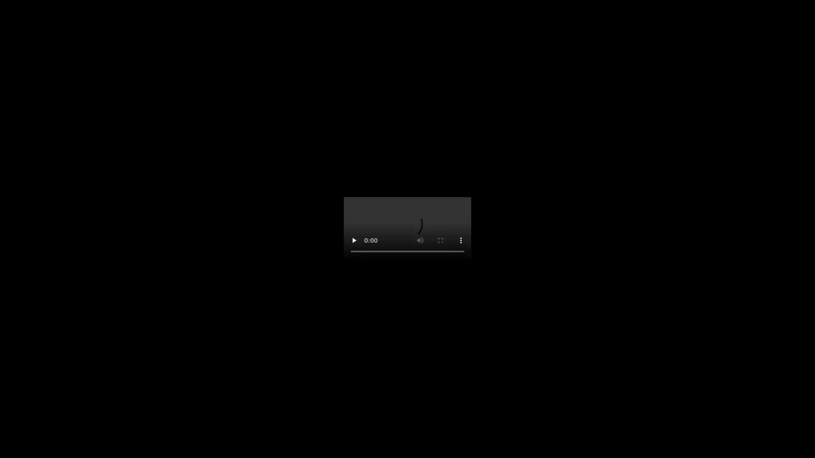 The height and width of the screenshot is (458, 815). Describe the element at coordinates (446, 249) in the screenshot. I see `mute` at that location.